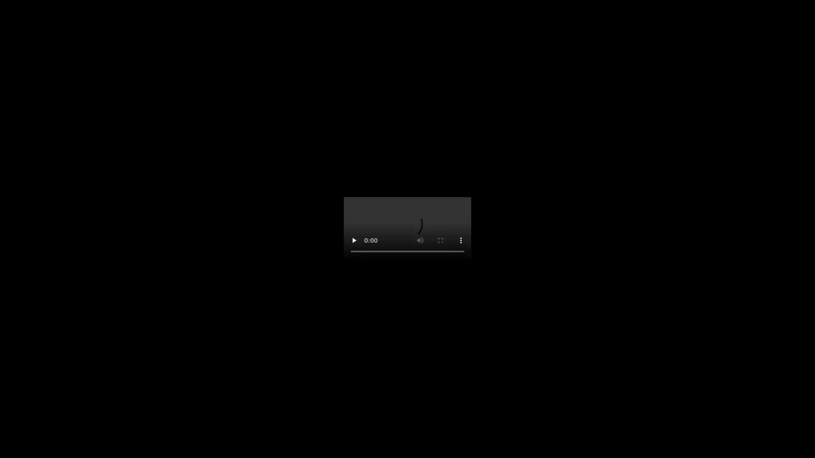 The height and width of the screenshot is (458, 815). Describe the element at coordinates (446, 249) in the screenshot. I see `mute` at that location.